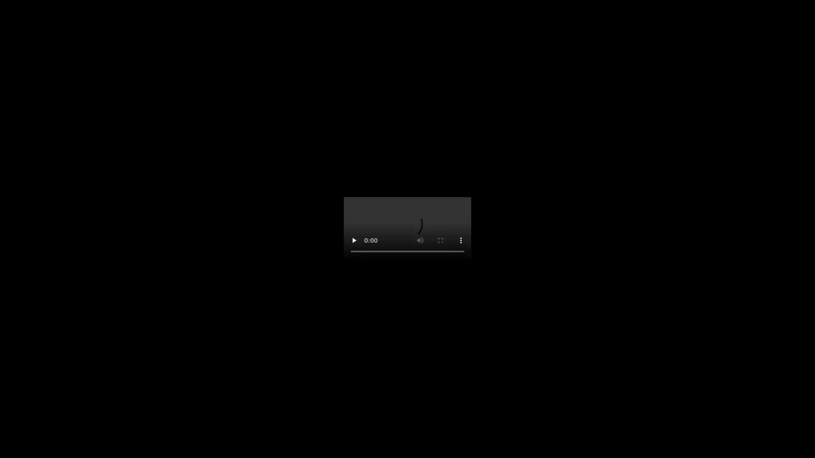 The height and width of the screenshot is (458, 815). Describe the element at coordinates (446, 249) in the screenshot. I see `mute` at that location.